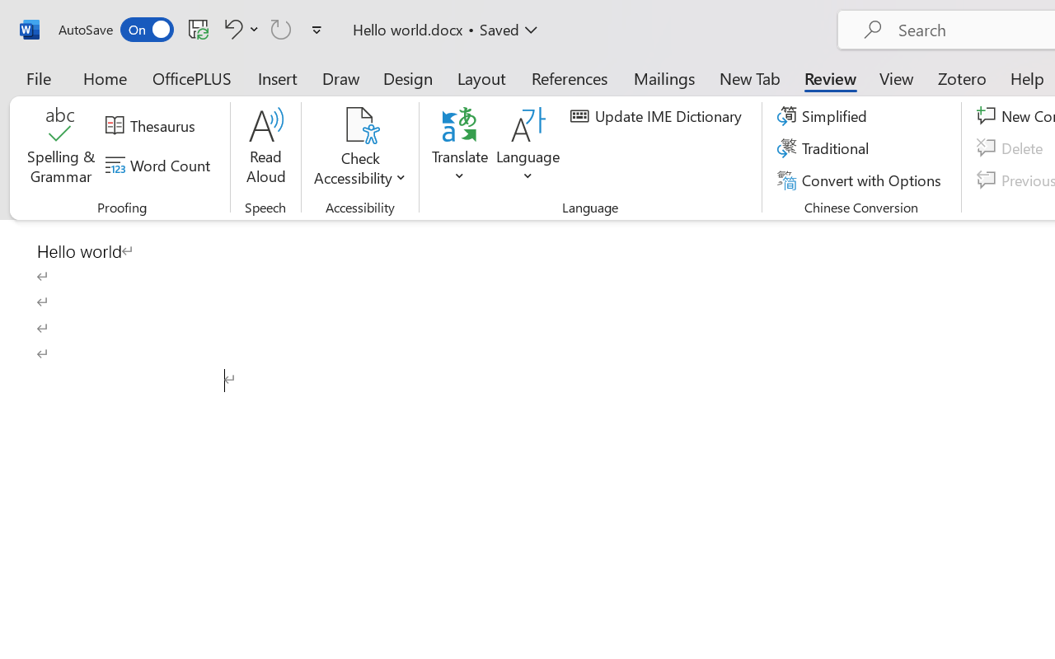 The width and height of the screenshot is (1055, 659). I want to click on 'Can', so click(281, 28).